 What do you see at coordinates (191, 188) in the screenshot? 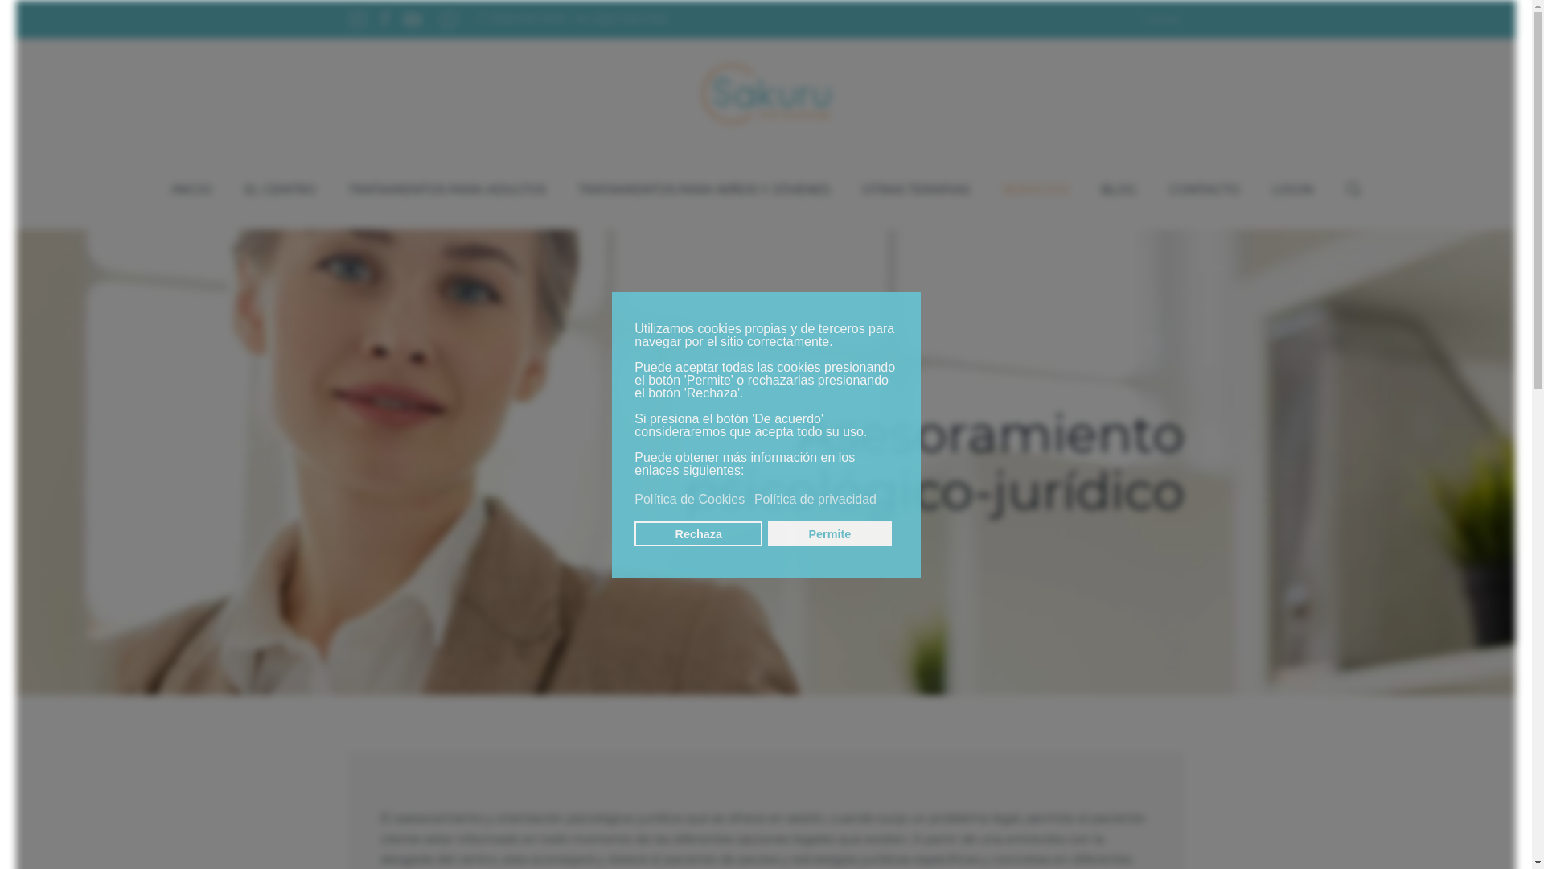
I see `'INICIO'` at bounding box center [191, 188].